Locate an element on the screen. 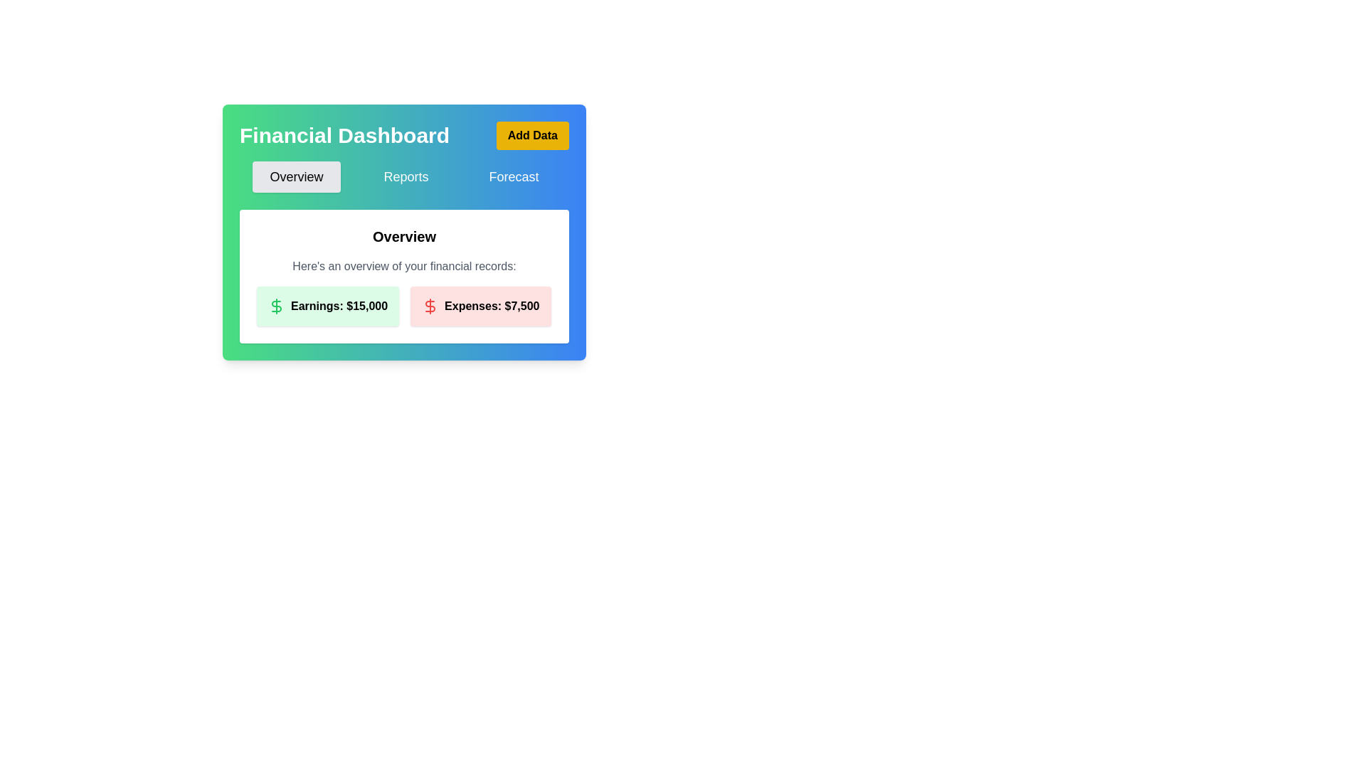 Image resolution: width=1366 pixels, height=768 pixels. the second expense card in the financial overview section, located on the right-hand side adjacent to the earnings card is located at coordinates (480, 306).